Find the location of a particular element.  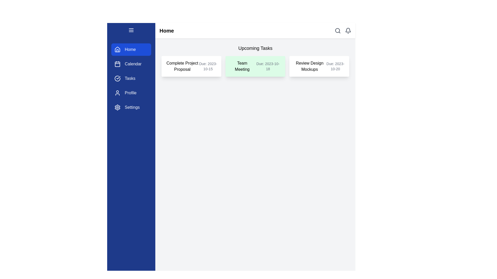

the task indicator icon located to the far left of the 'Tasks' button in the navigation menu is located at coordinates (117, 79).